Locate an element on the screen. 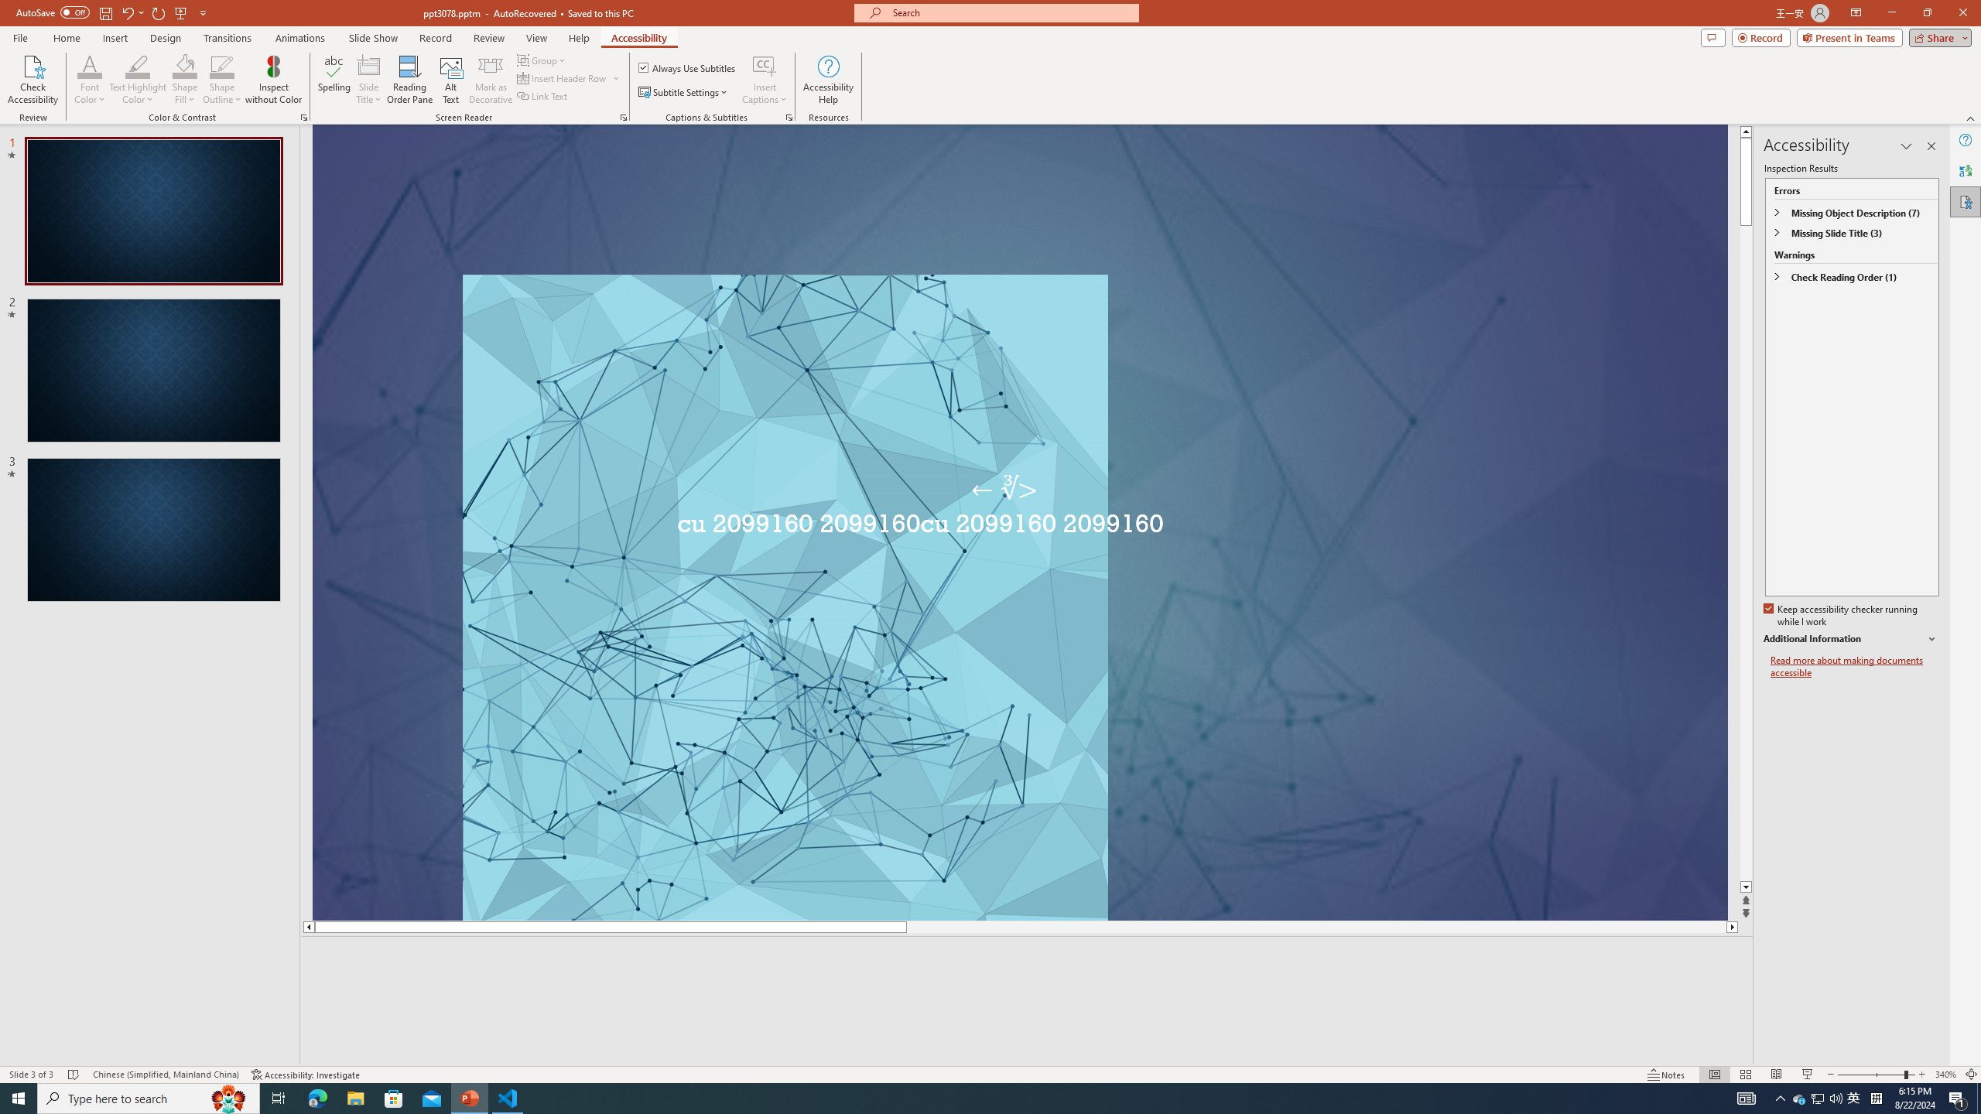 The image size is (1981, 1114). 'Inspect without Color' is located at coordinates (274, 80).